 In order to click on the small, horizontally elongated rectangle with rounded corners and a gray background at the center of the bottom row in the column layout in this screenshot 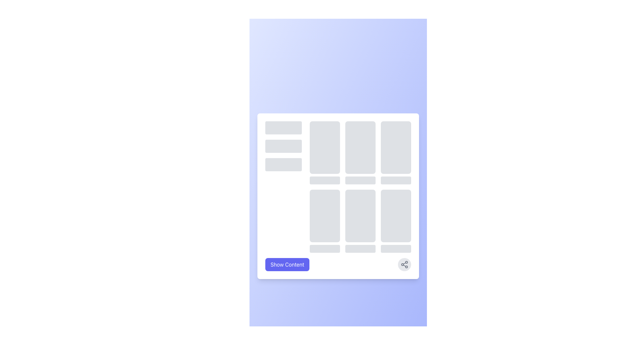, I will do `click(325, 248)`.